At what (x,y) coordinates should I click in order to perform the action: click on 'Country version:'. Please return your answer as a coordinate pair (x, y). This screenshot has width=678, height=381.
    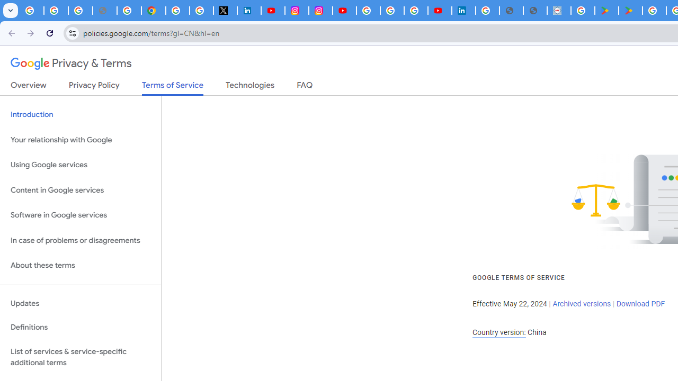
    Looking at the image, I should click on (498, 332).